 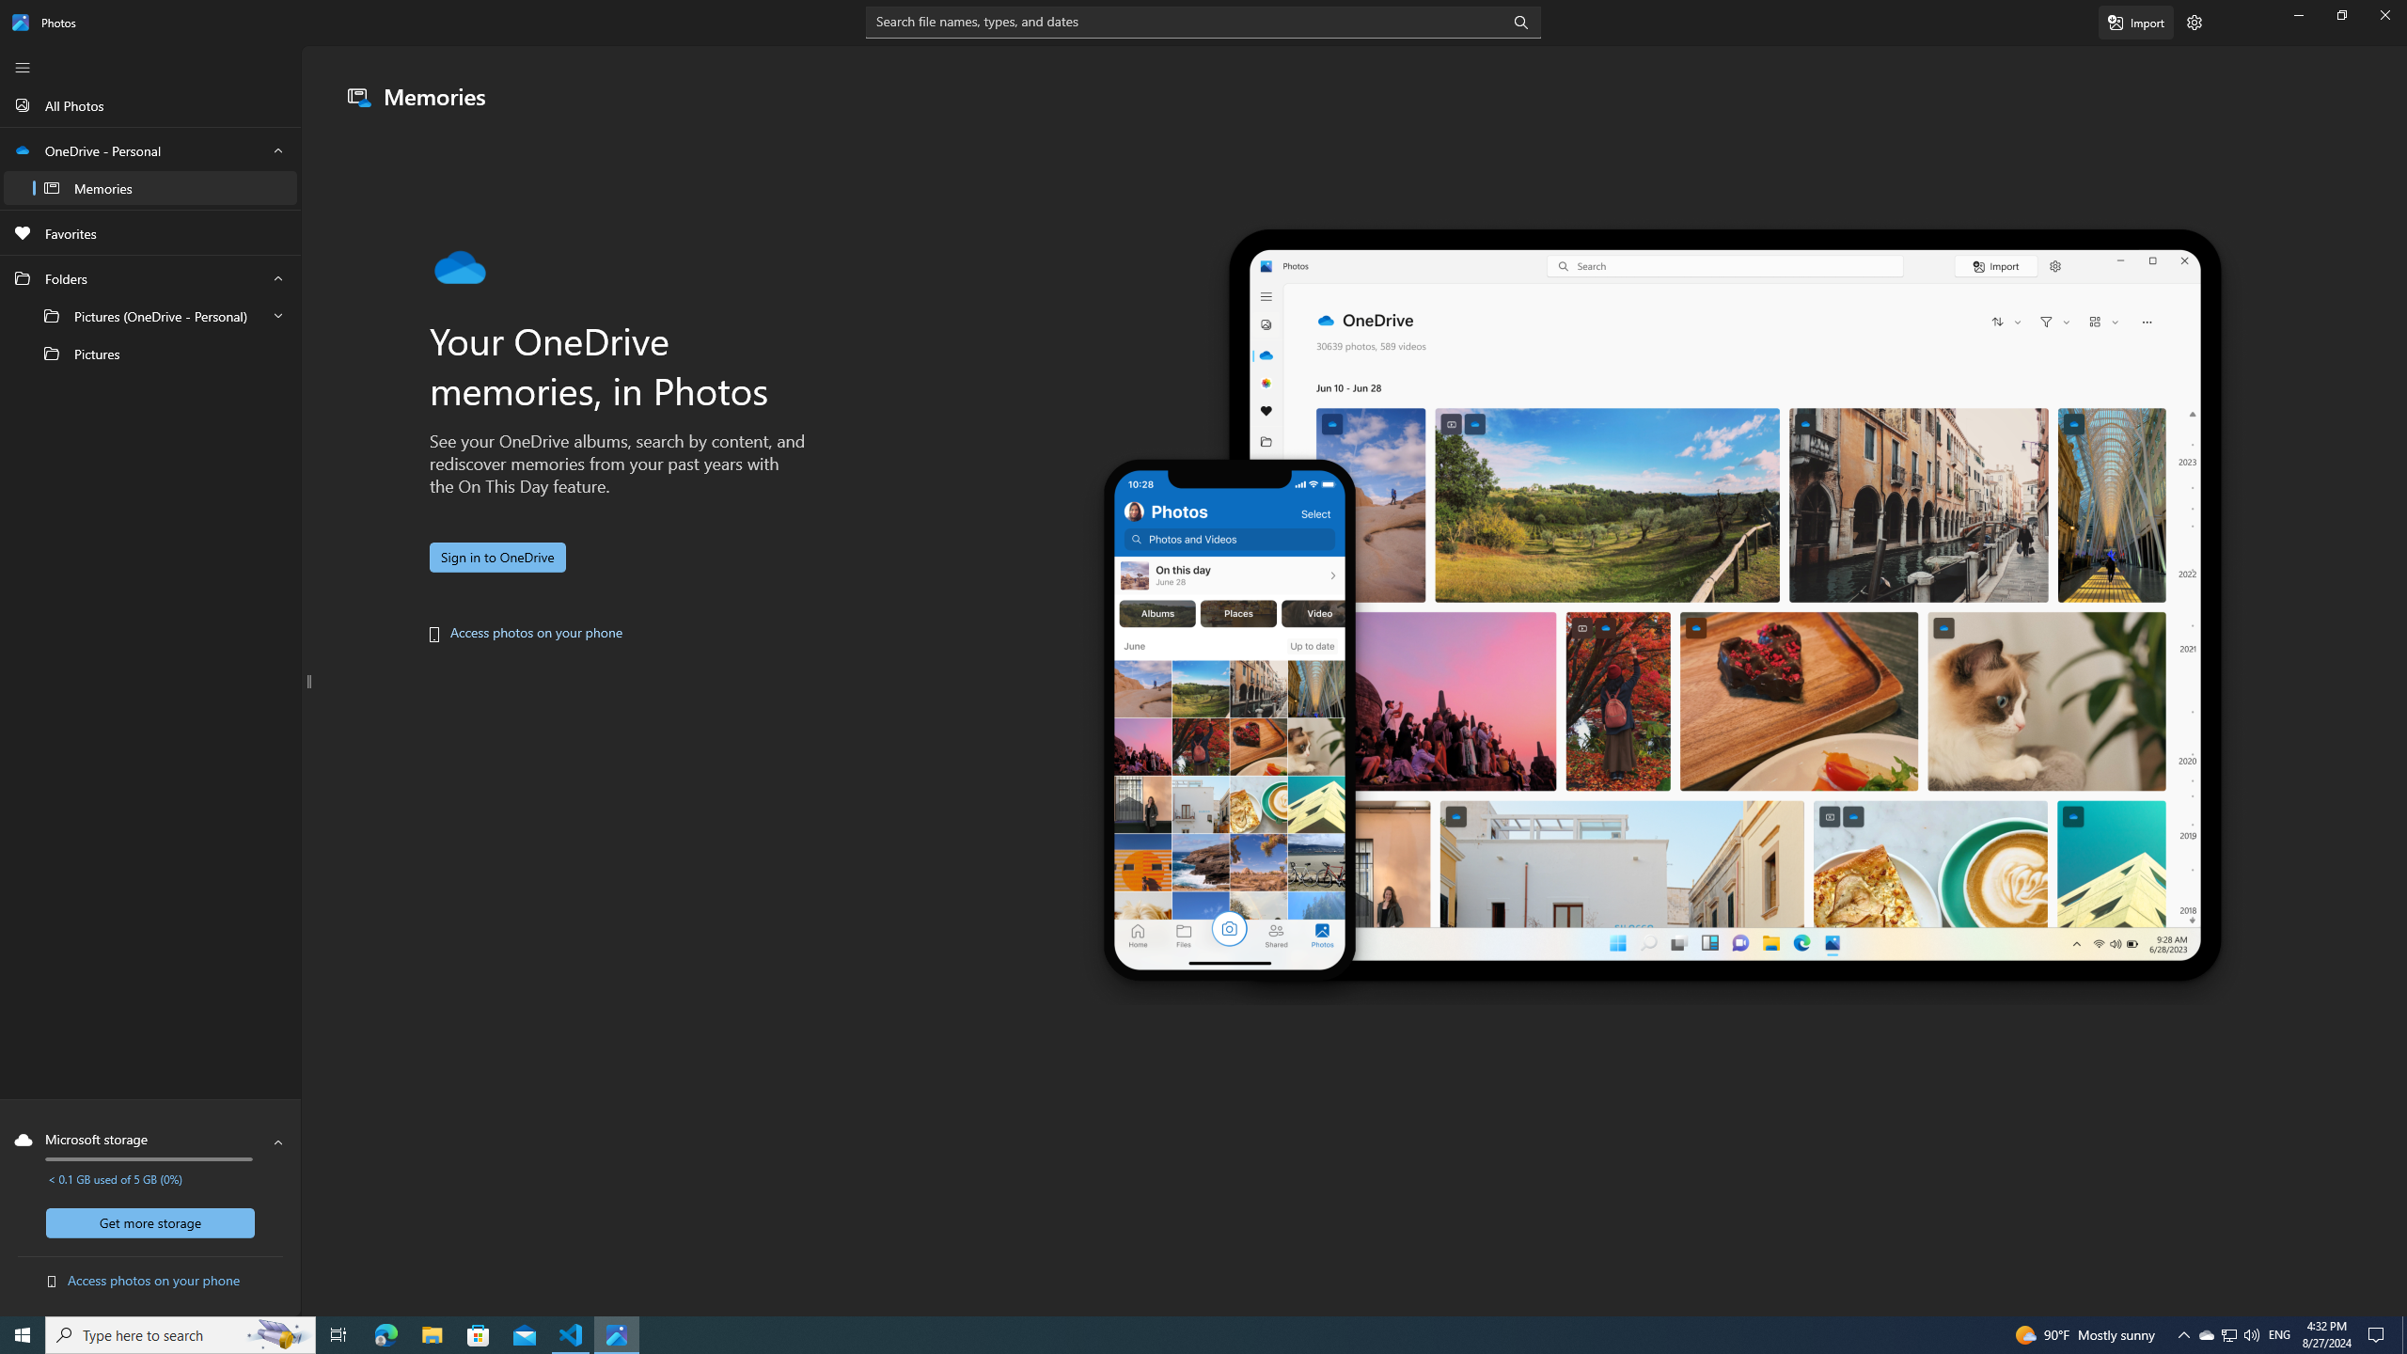 I want to click on 'Pictures', so click(x=149, y=353).